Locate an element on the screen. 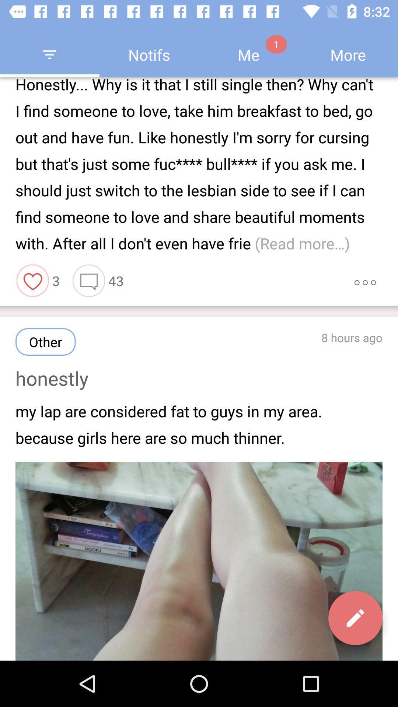  icon to the right of the 43 is located at coordinates (365, 280).